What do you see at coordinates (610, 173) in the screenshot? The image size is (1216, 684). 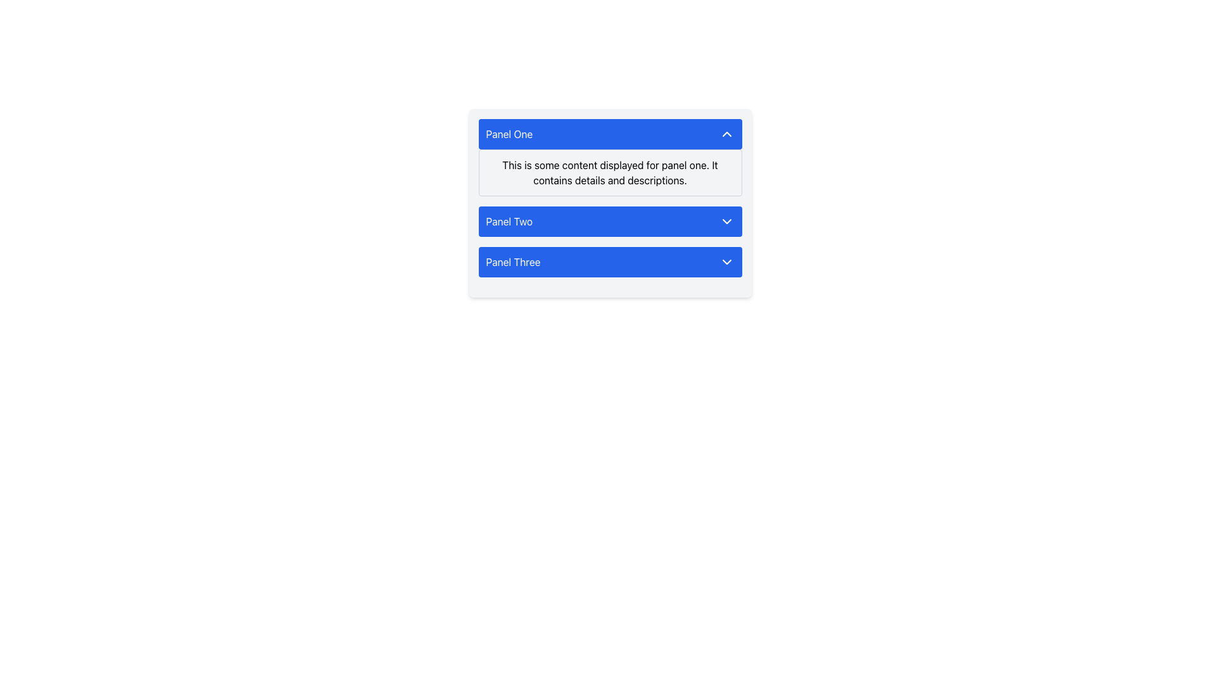 I see `the informational box displaying details for the 'Panel One' section, located directly below the 'Panel One' header` at bounding box center [610, 173].